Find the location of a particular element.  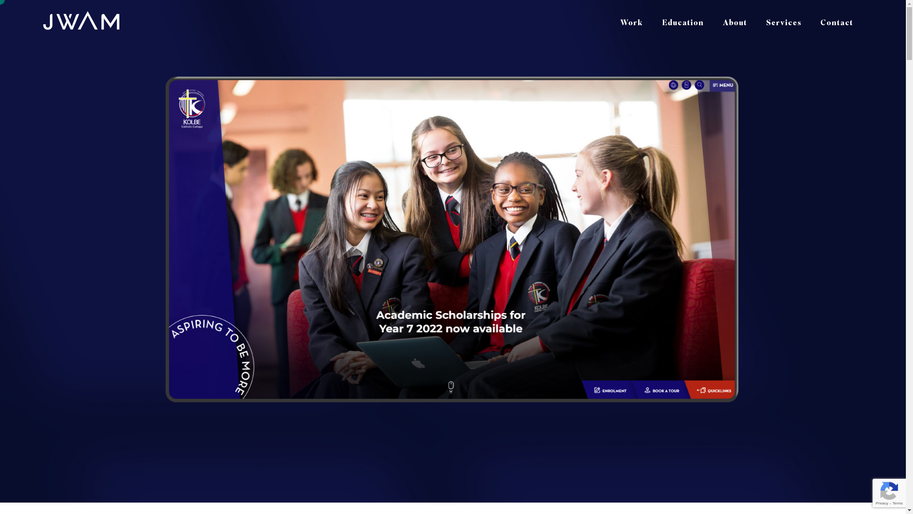

'About' is located at coordinates (734, 20).